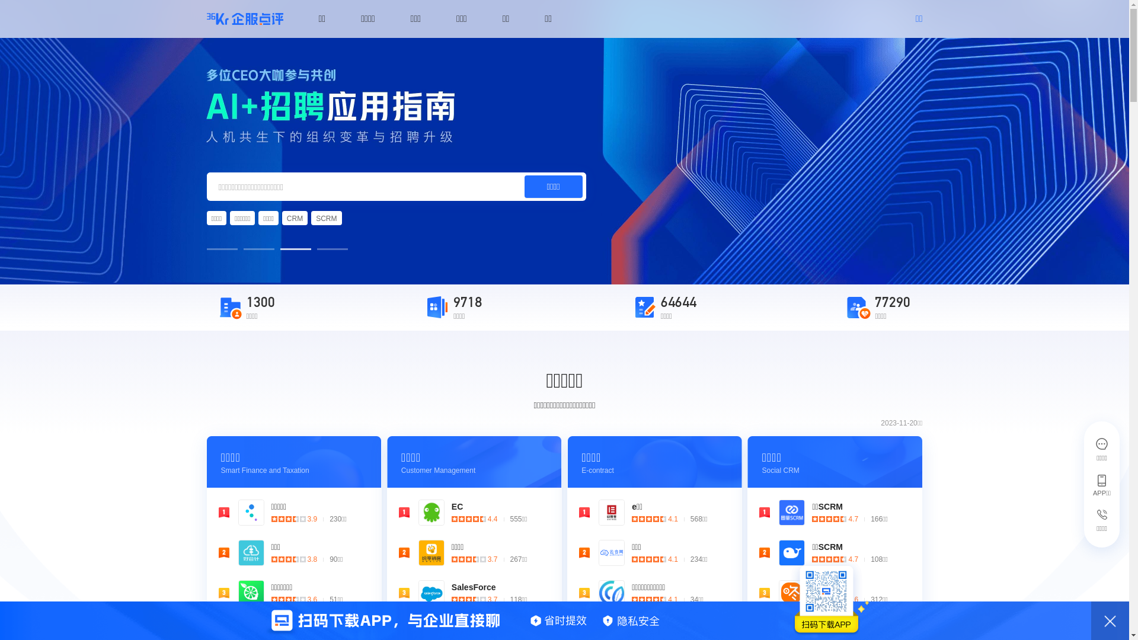  I want to click on 'CRM', so click(281, 217).